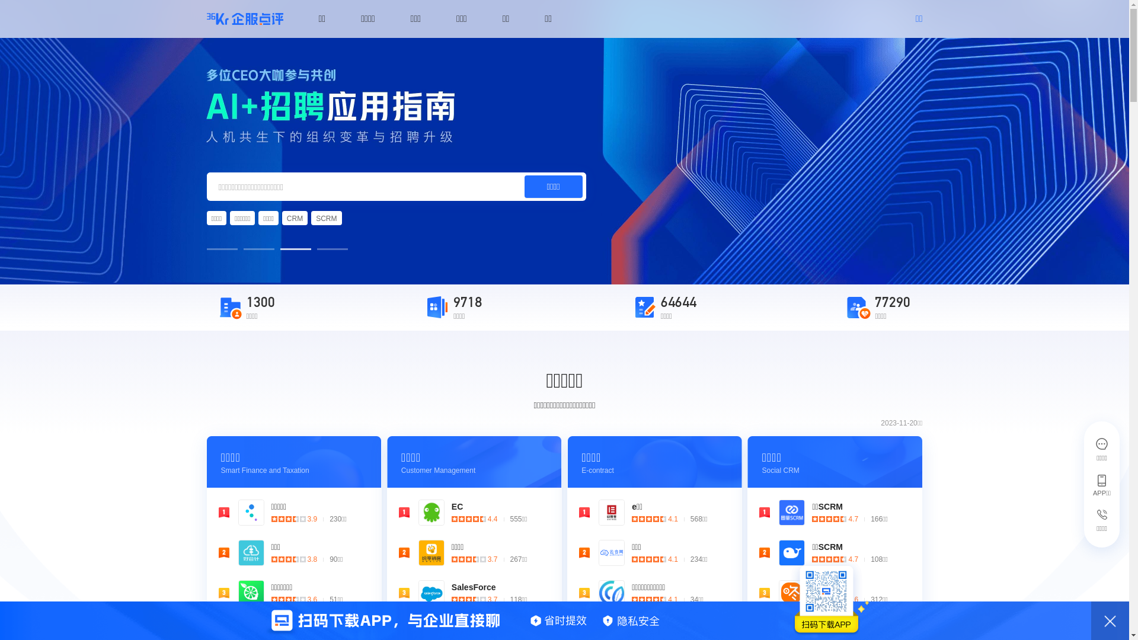  I want to click on 'CRM', so click(281, 217).